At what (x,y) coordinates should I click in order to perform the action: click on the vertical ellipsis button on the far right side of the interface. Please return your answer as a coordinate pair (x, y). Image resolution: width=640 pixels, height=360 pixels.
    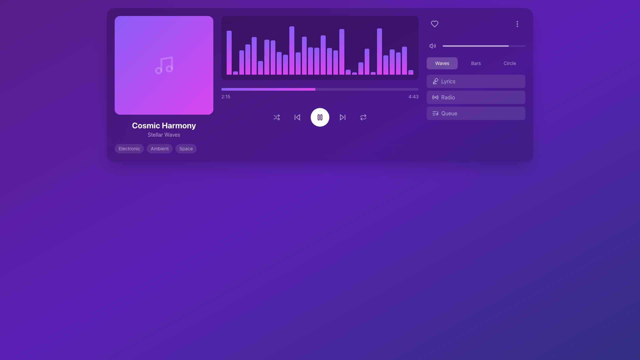
    Looking at the image, I should click on (517, 24).